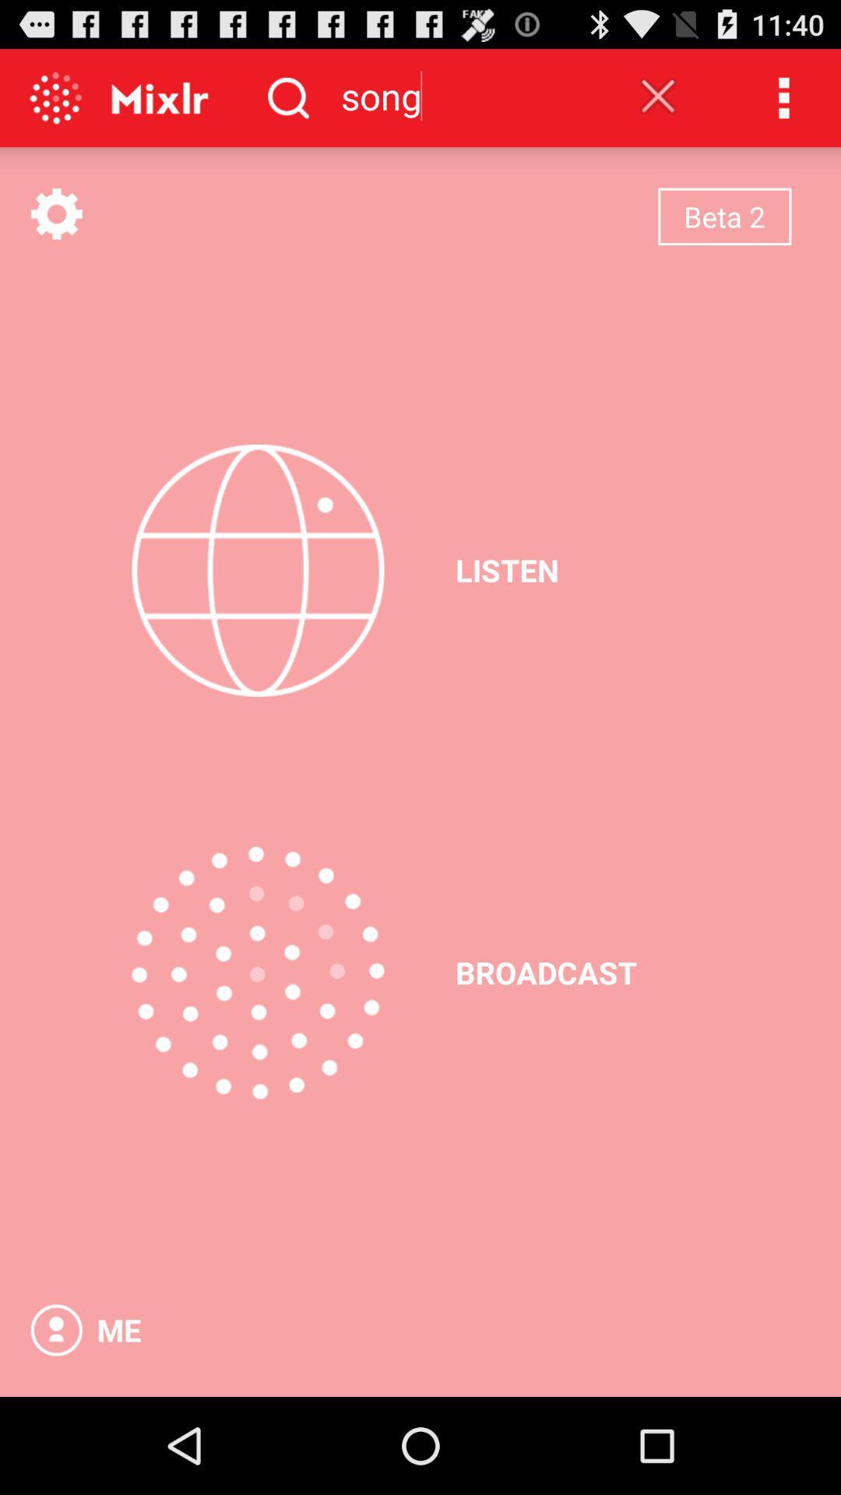 Image resolution: width=841 pixels, height=1495 pixels. What do you see at coordinates (55, 1329) in the screenshot?
I see `open profile option` at bounding box center [55, 1329].